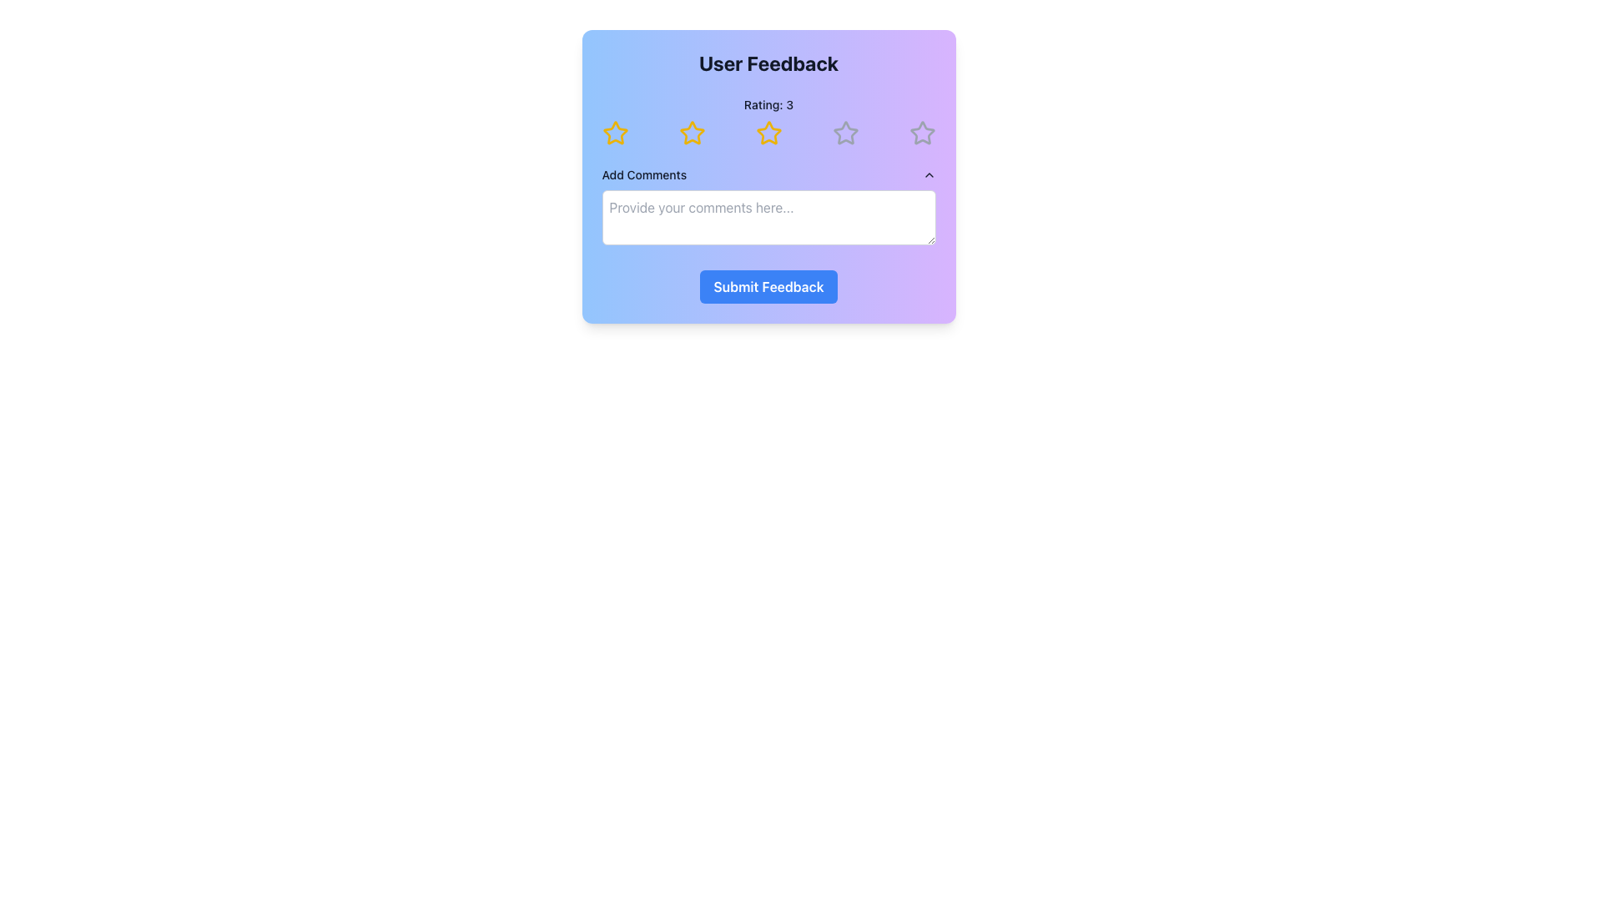  What do you see at coordinates (768, 132) in the screenshot?
I see `the third yellow star icon in the rating section of the feedback dialog box` at bounding box center [768, 132].